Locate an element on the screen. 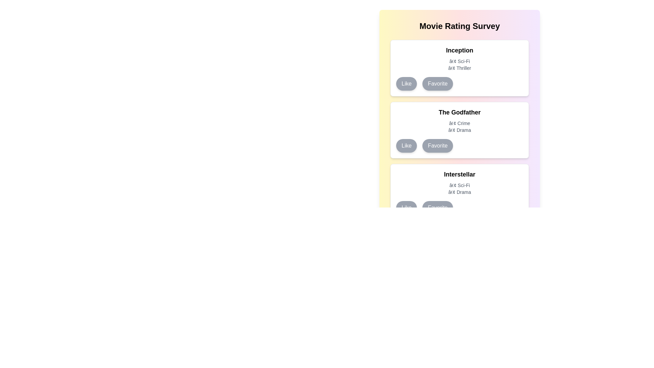 The height and width of the screenshot is (368, 654). the 'Crime' genre text label located in the second card titled 'The Godfather', which is the first item in the genre list and situated above the text '• Drama' is located at coordinates (460, 123).